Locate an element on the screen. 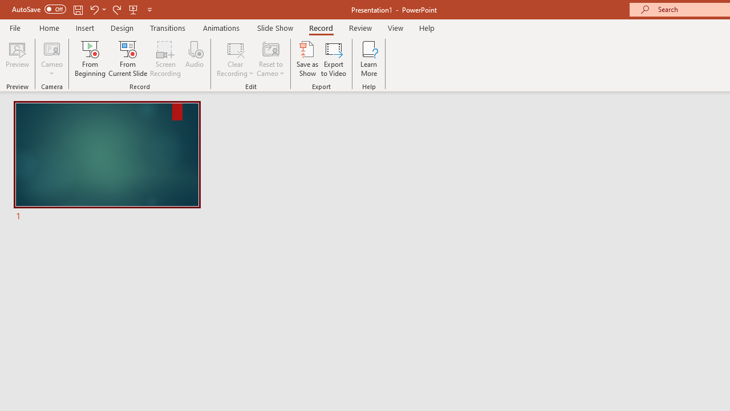  'Save as Show' is located at coordinates (307, 59).